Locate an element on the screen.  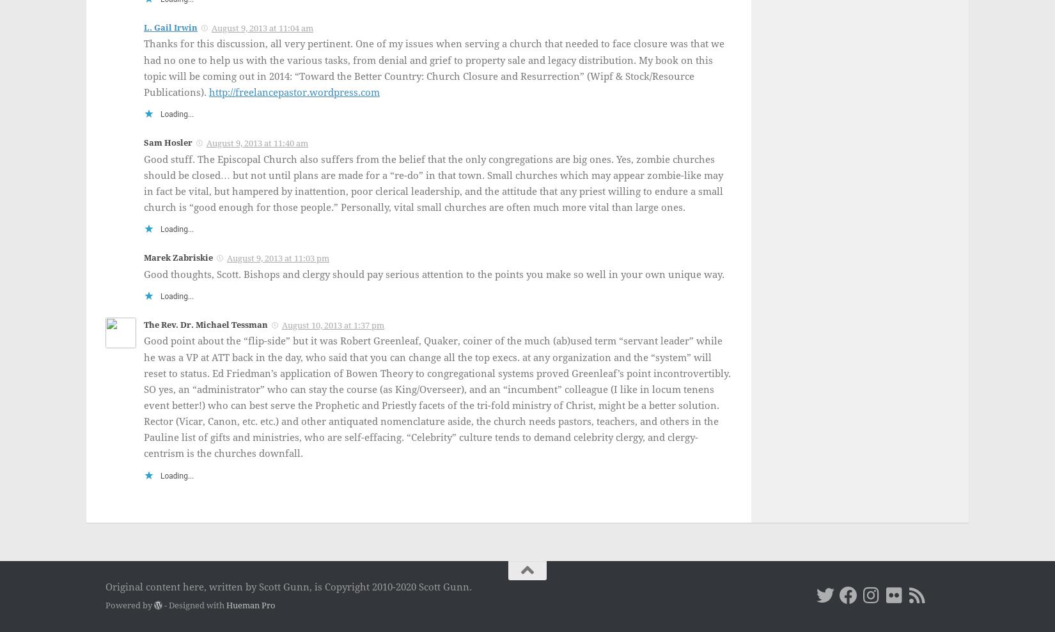
'Good point about the “flip-side” but it was Robert Greenleaf, Quaker, coiner of the much (ab)used term “servant leader” while he was a VP at ATT back in the day, who said that you can change all the top execs. at any organization and the “system” will reset to status. Ed Friedman’s application of Bowen Theory to congregational systems proved Greenleaf’s point incontrovertibly. SO yes, an “administrator” who can stay the course (as King/Overseer), and an “incumbent” colleague (I like in locum tenens event better!) who can best serve the Prophetic and Priestly facets of the tri-fold ministry of Christ, might be a better solution.  Rector (Vicar, Canon, etc. etc.) and other antiquated nomenclature aside, the church needs pastors, teachers, and others in the Pauline list of gifts and ministries, who are self-effacing. “Celebrity” culture tends to demand celebrity clergy, and clergy-centrism is the churches downfall.' is located at coordinates (436, 397).